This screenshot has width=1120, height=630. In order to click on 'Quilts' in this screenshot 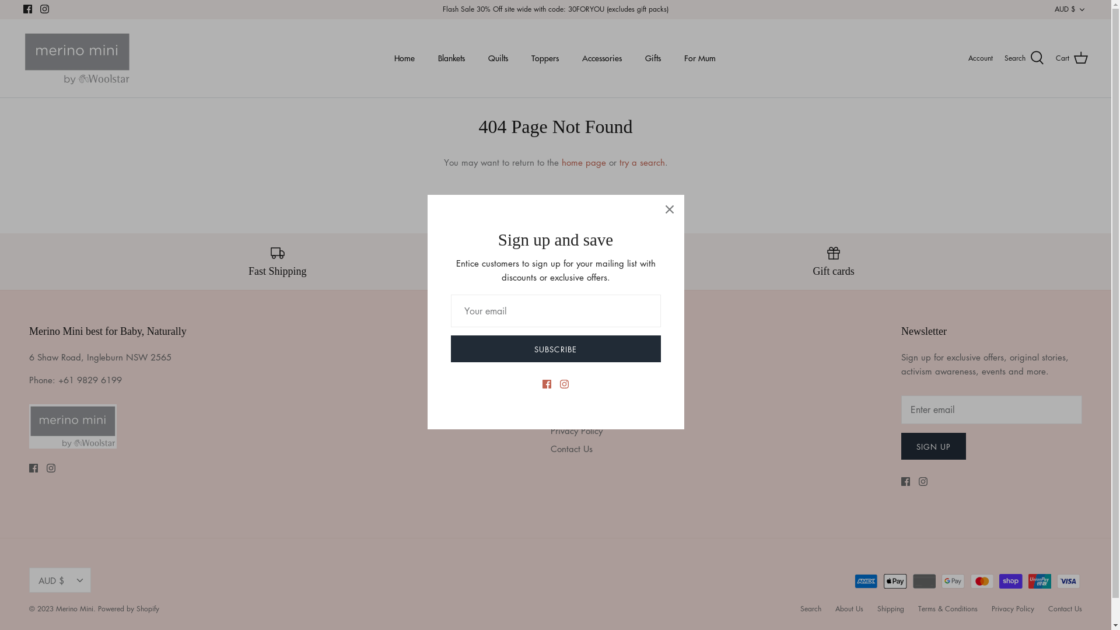, I will do `click(498, 58)`.